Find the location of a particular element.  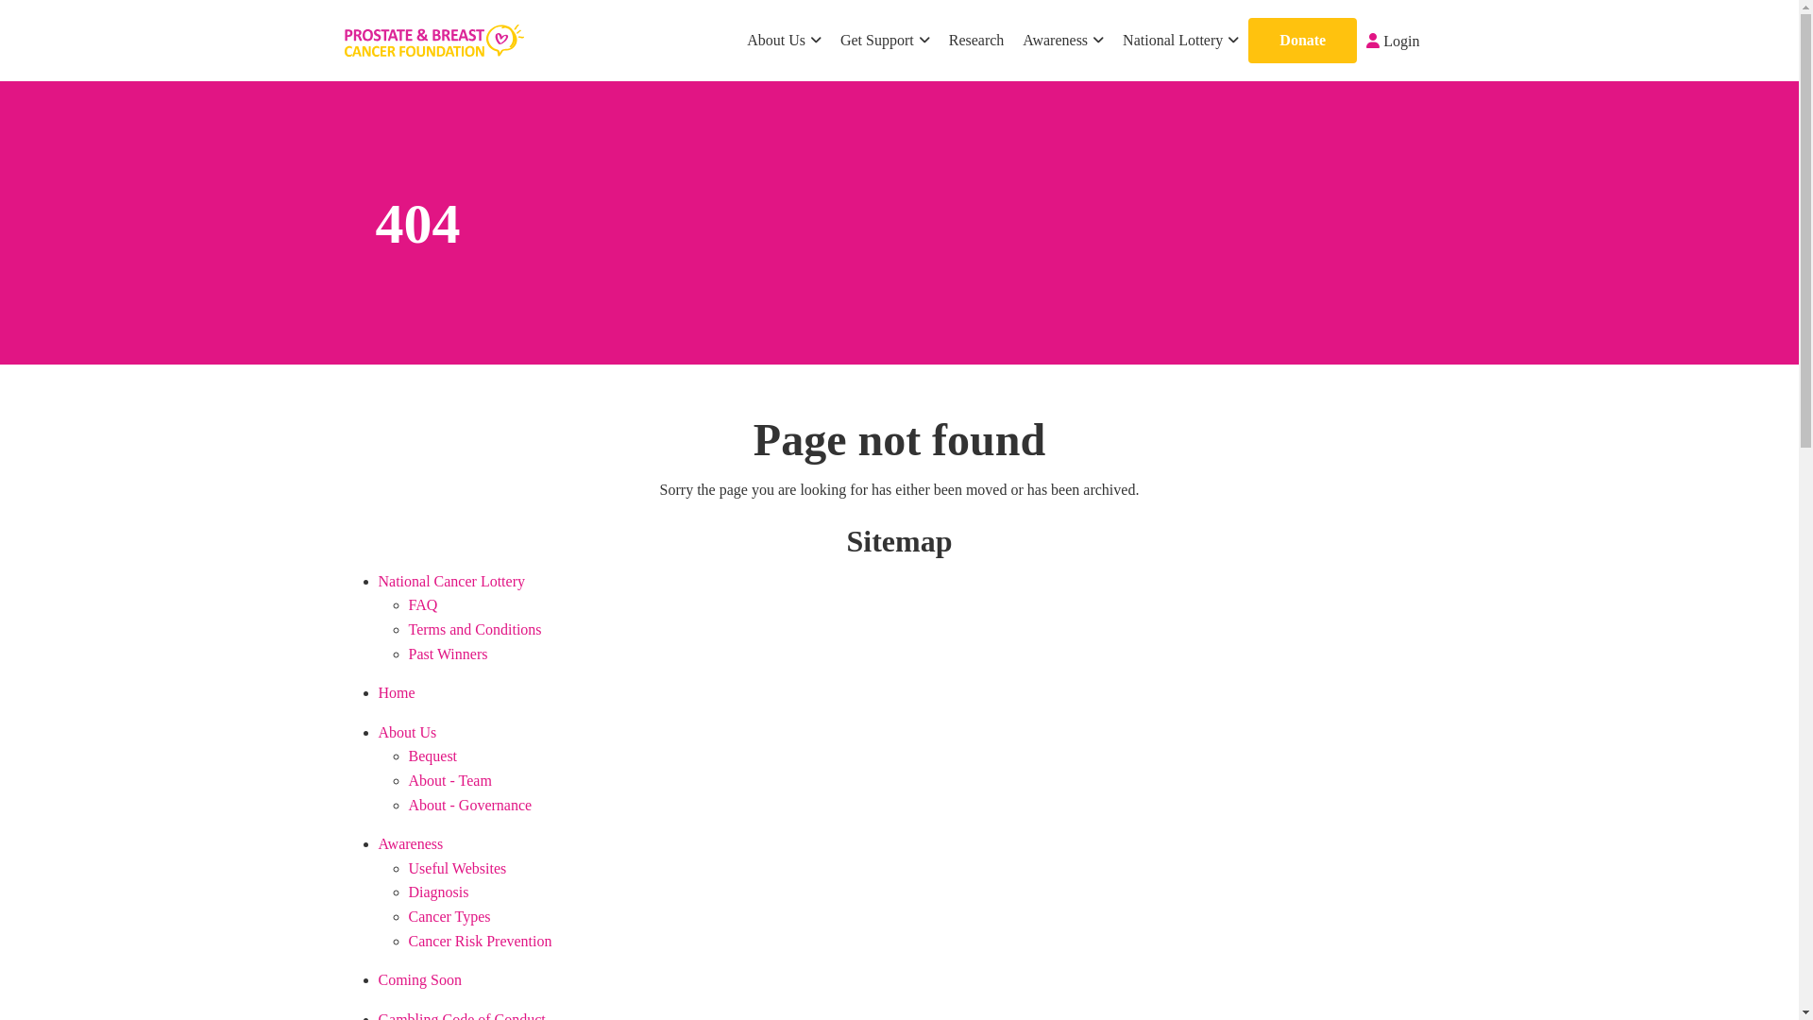

'FAQ' is located at coordinates (421, 604).